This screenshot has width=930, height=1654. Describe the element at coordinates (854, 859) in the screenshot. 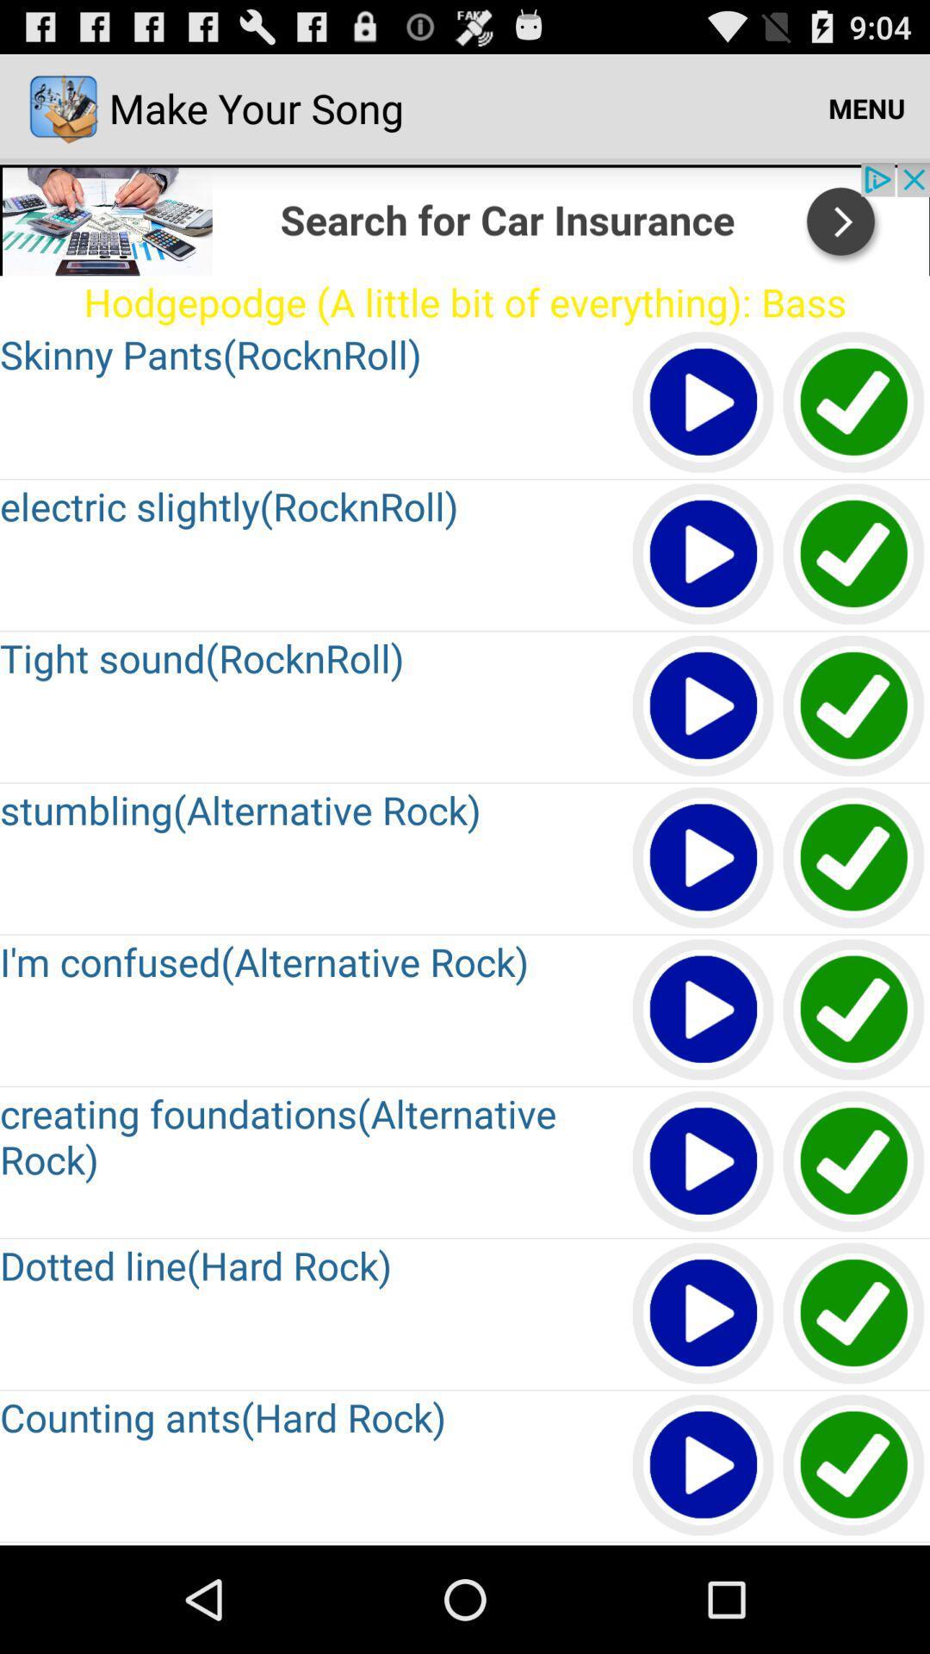

I see `switch` at that location.